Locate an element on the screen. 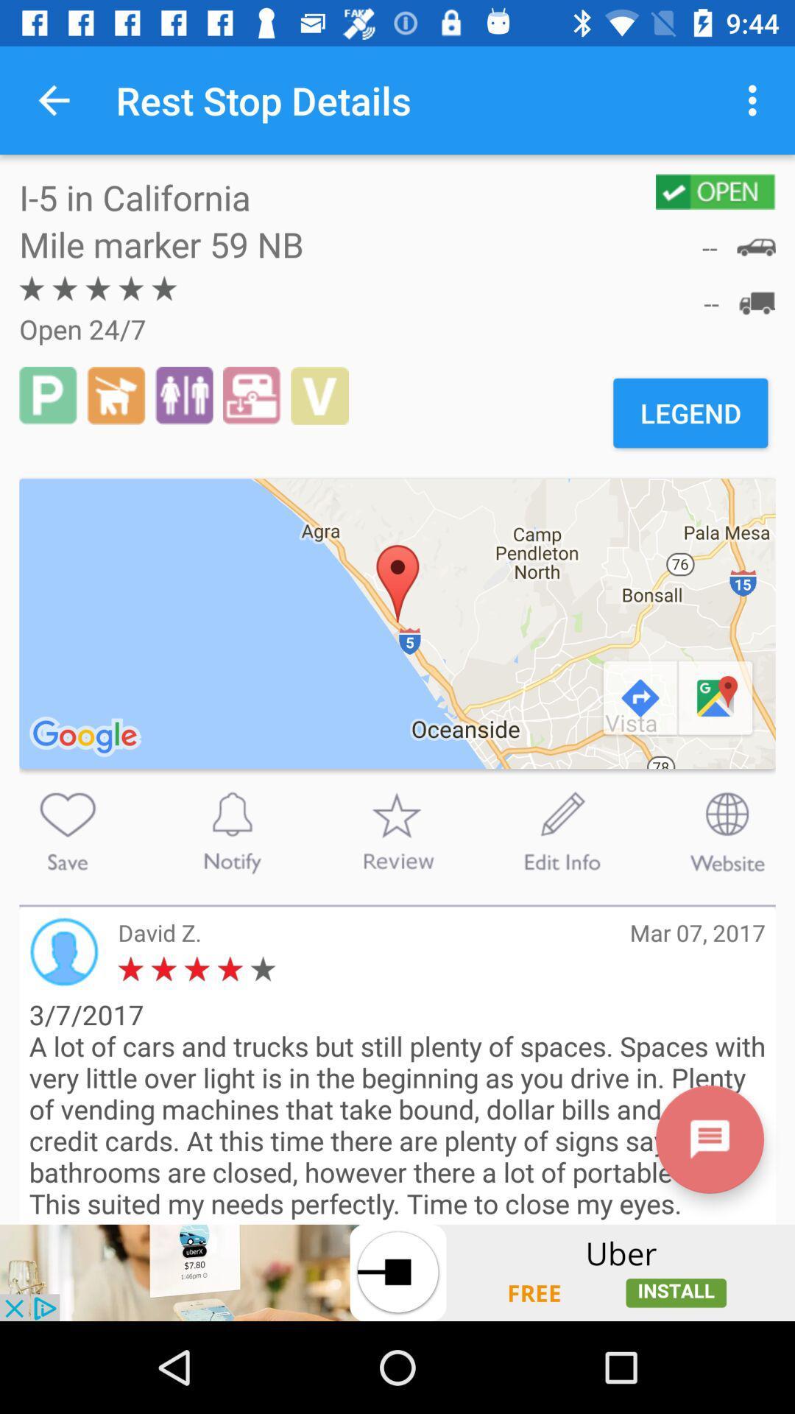 The image size is (795, 1414). the chat icon is located at coordinates (709, 1139).